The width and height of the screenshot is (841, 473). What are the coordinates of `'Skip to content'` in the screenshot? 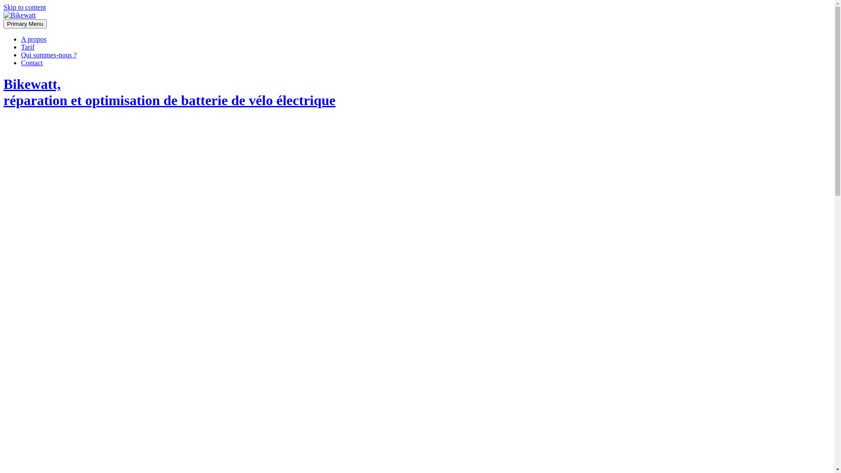 It's located at (4, 7).